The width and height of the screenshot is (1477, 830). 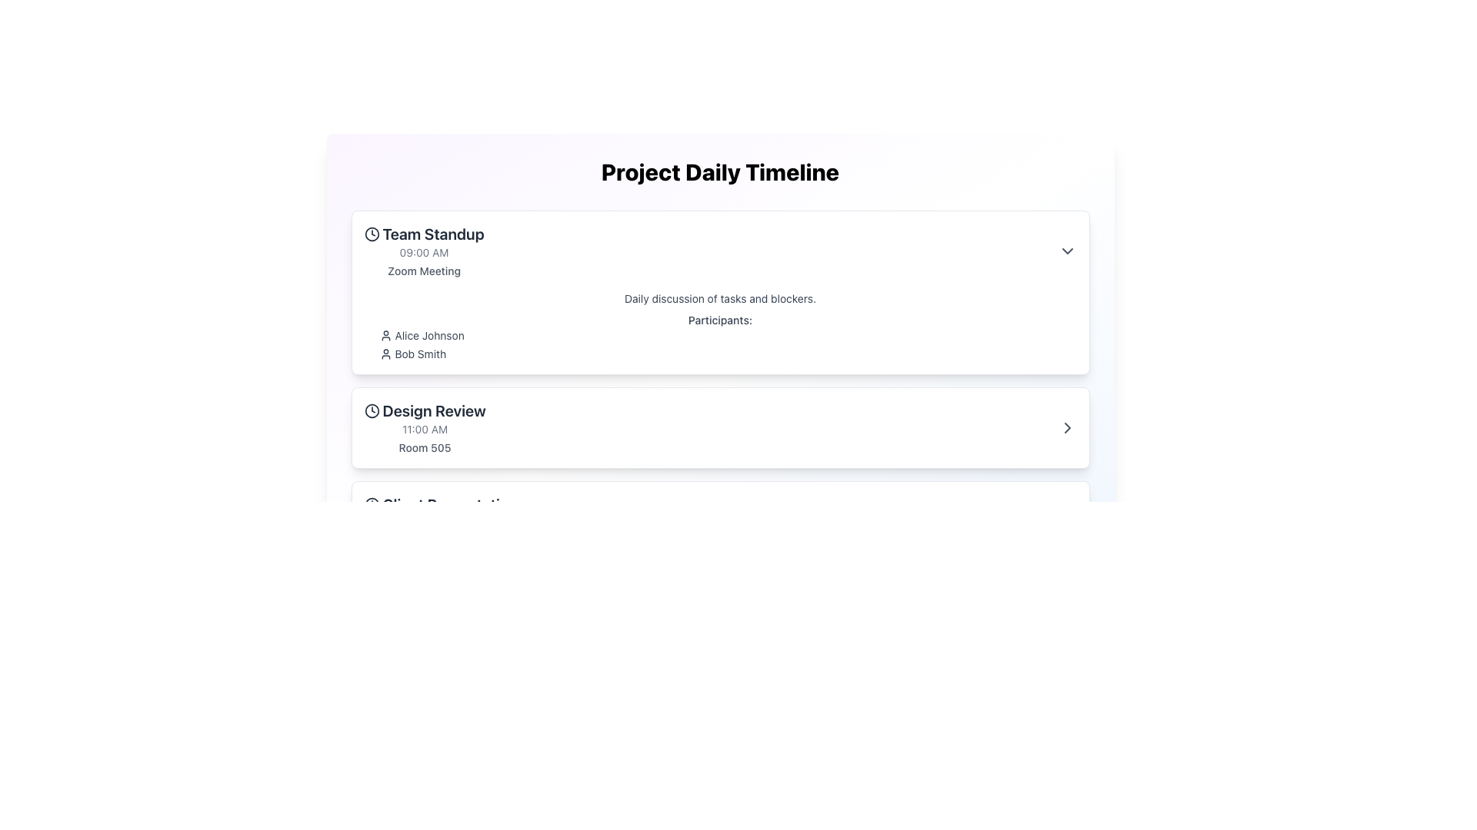 I want to click on the decorative clock icon located to the left of the 'Team Standup' text in the header section of the meeting details card, so click(x=372, y=234).